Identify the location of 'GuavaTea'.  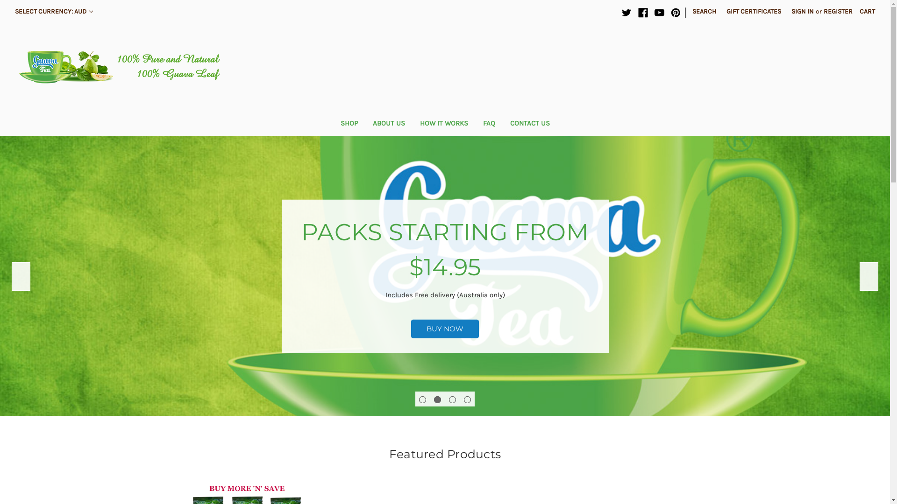
(123, 66).